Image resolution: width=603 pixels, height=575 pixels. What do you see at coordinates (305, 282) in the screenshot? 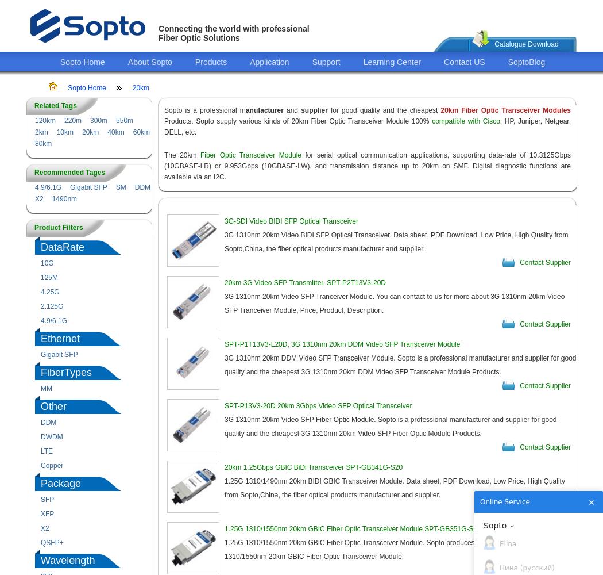
I see `'20km 3G Video SFP Transmitter, SPT-P2T13V3-20D'` at bounding box center [305, 282].